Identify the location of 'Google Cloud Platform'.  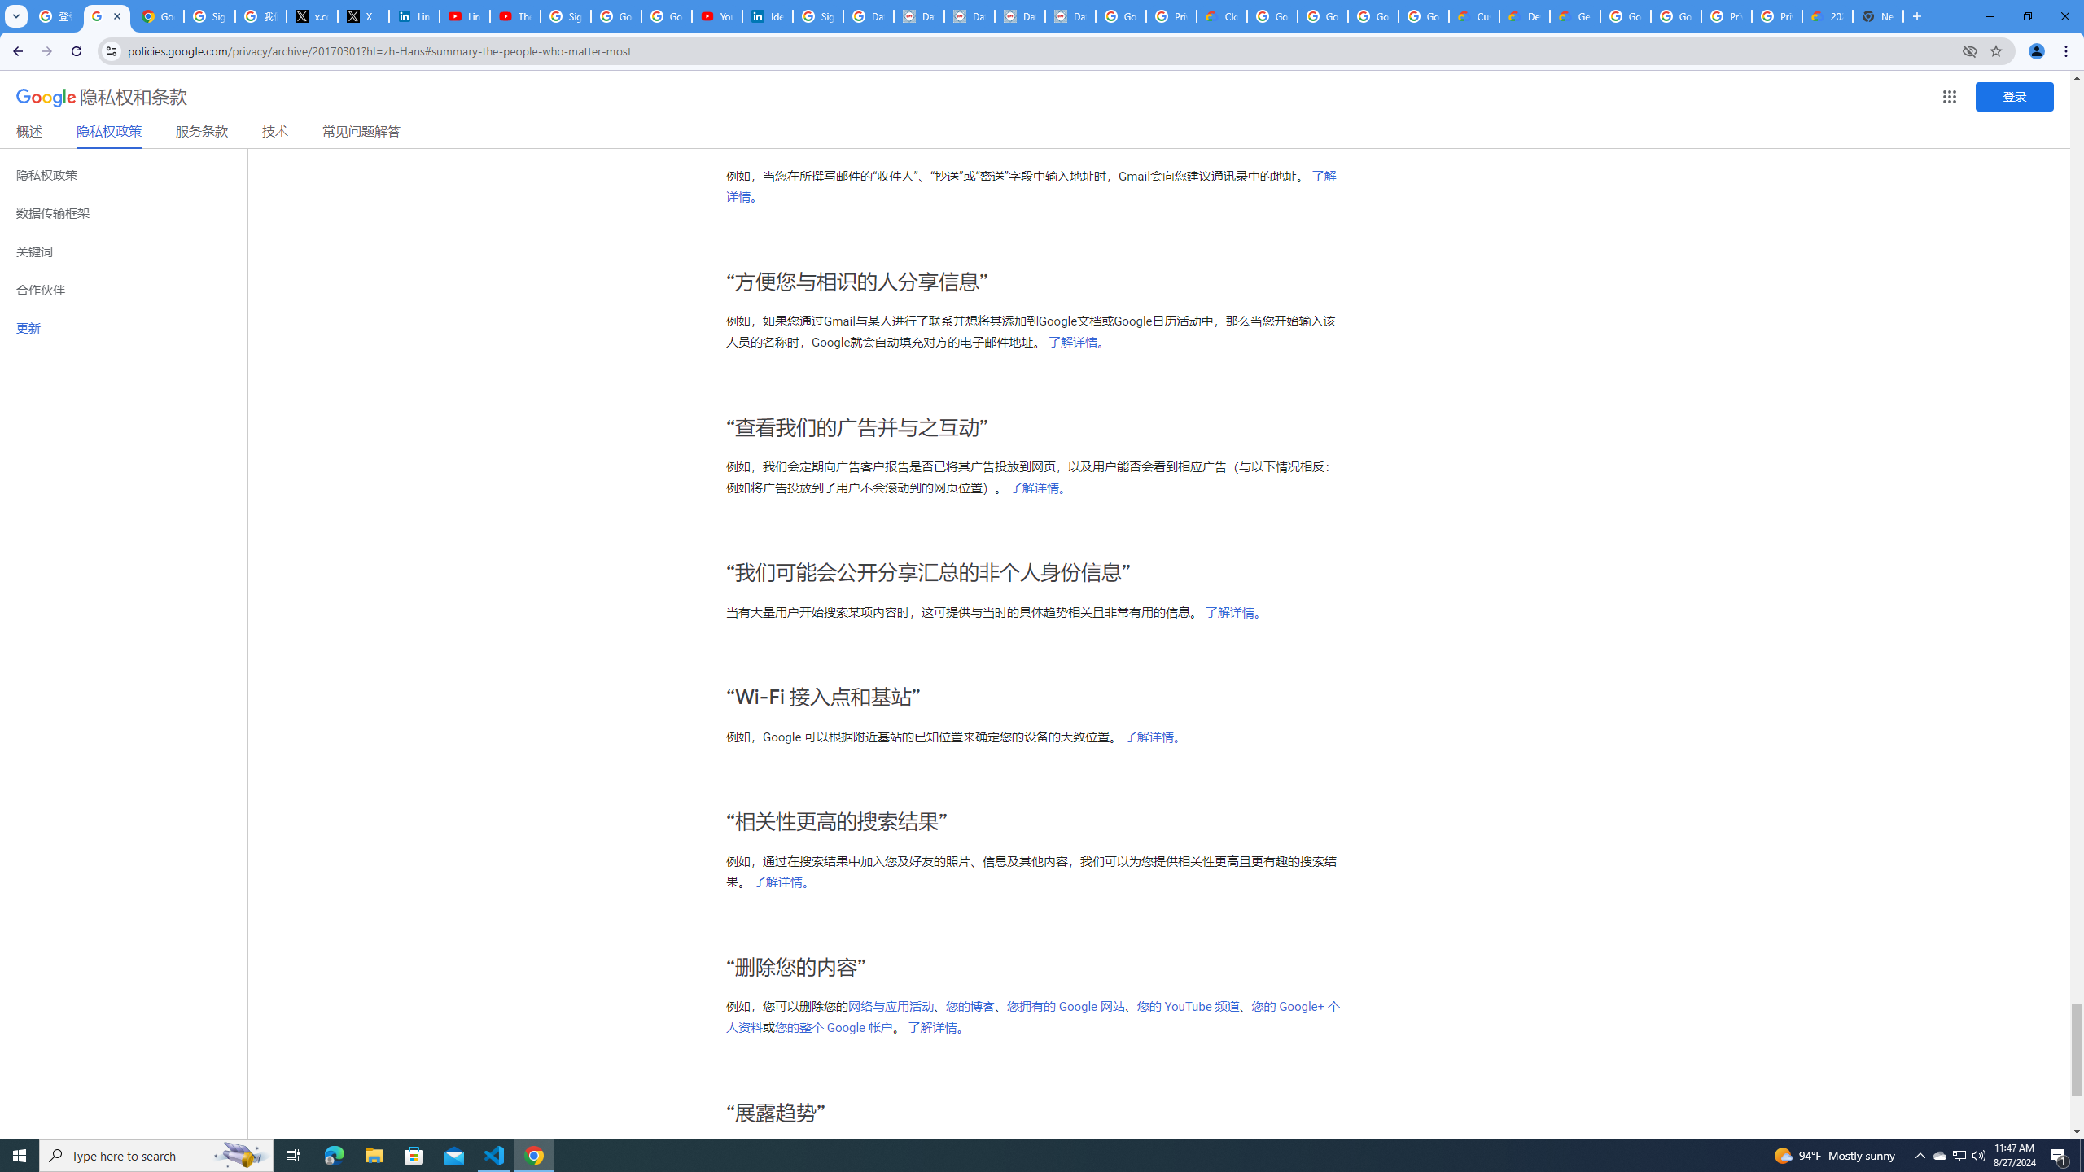
(1675, 15).